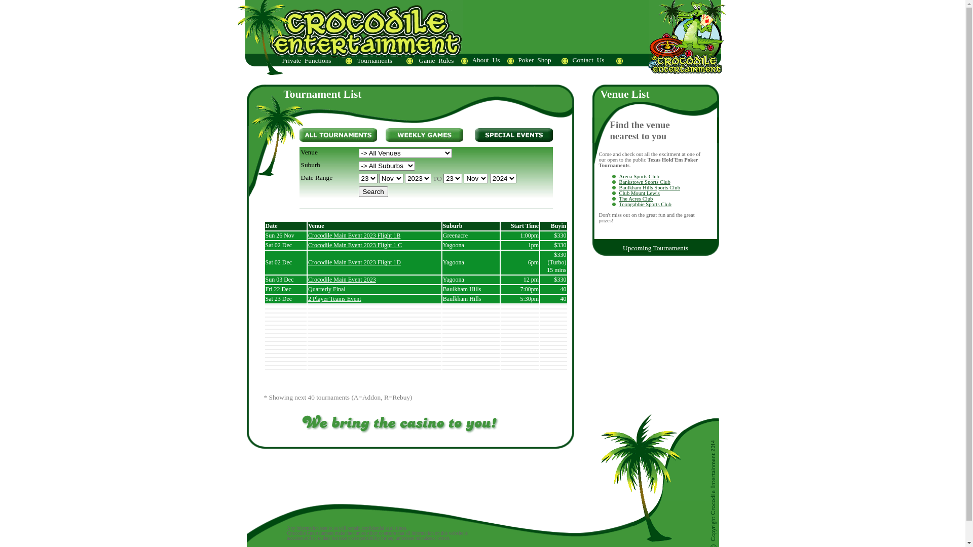  I want to click on 'Game_Rules', so click(438, 60).